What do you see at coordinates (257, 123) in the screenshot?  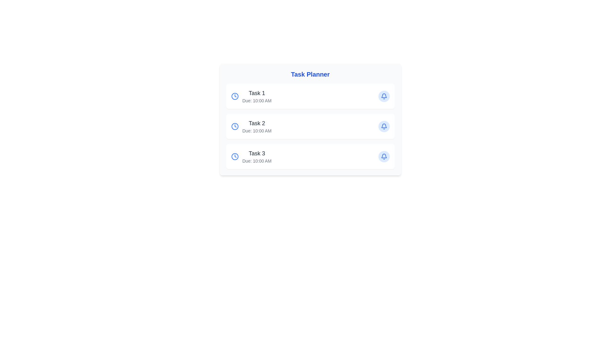 I see `the text element that reads 'Task 2', which is styled in a large, bold, dark gray font` at bounding box center [257, 123].